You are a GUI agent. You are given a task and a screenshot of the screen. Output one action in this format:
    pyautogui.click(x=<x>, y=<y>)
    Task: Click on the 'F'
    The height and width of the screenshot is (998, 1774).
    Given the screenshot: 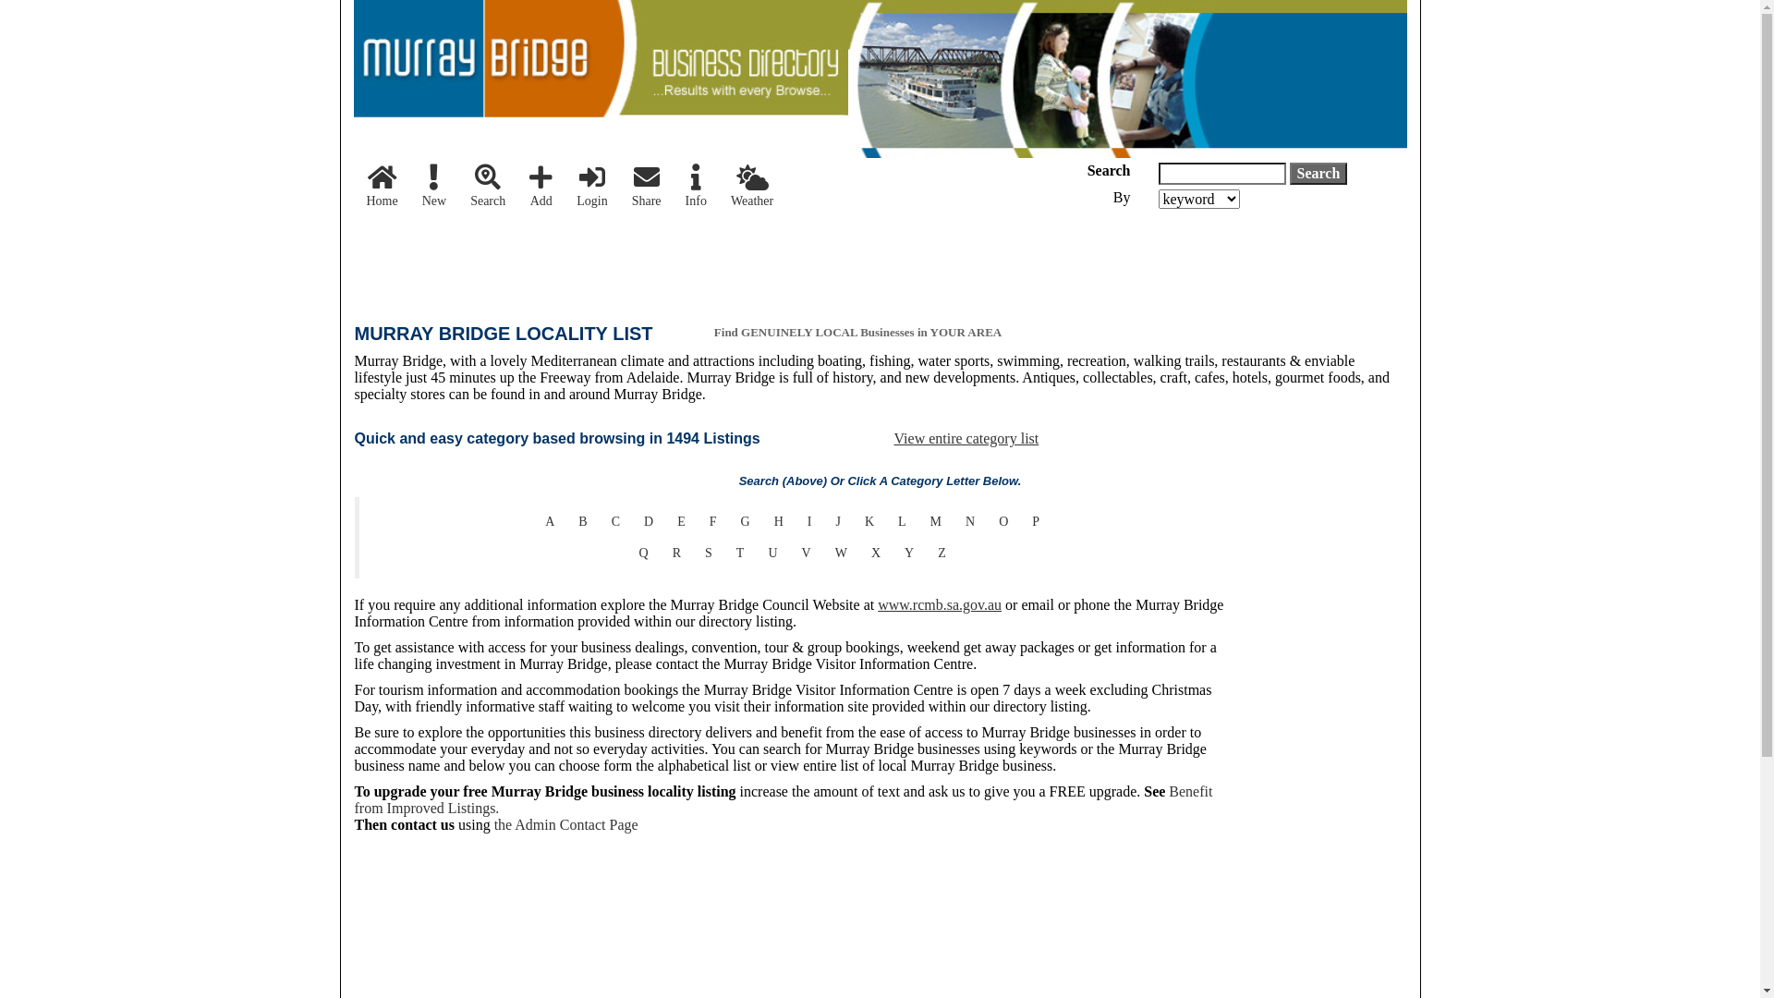 What is the action you would take?
    pyautogui.click(x=696, y=521)
    